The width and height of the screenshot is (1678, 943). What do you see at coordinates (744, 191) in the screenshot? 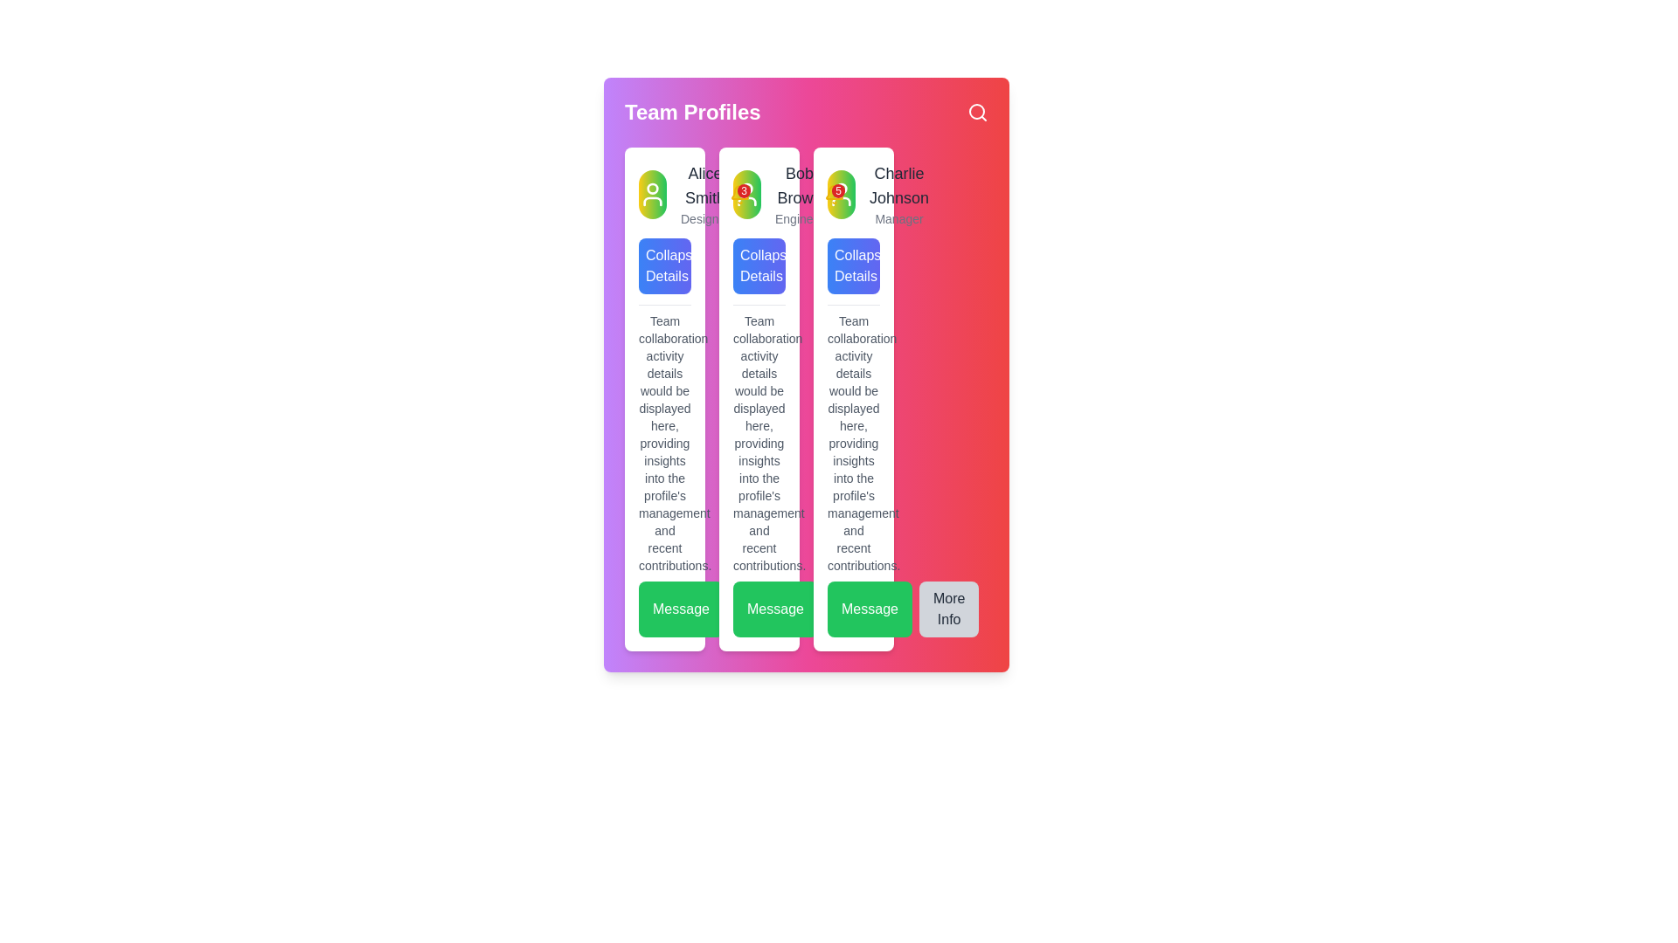
I see `the Notification badge located at the top-right corner of the bell icon in the notification UI of the profile` at bounding box center [744, 191].